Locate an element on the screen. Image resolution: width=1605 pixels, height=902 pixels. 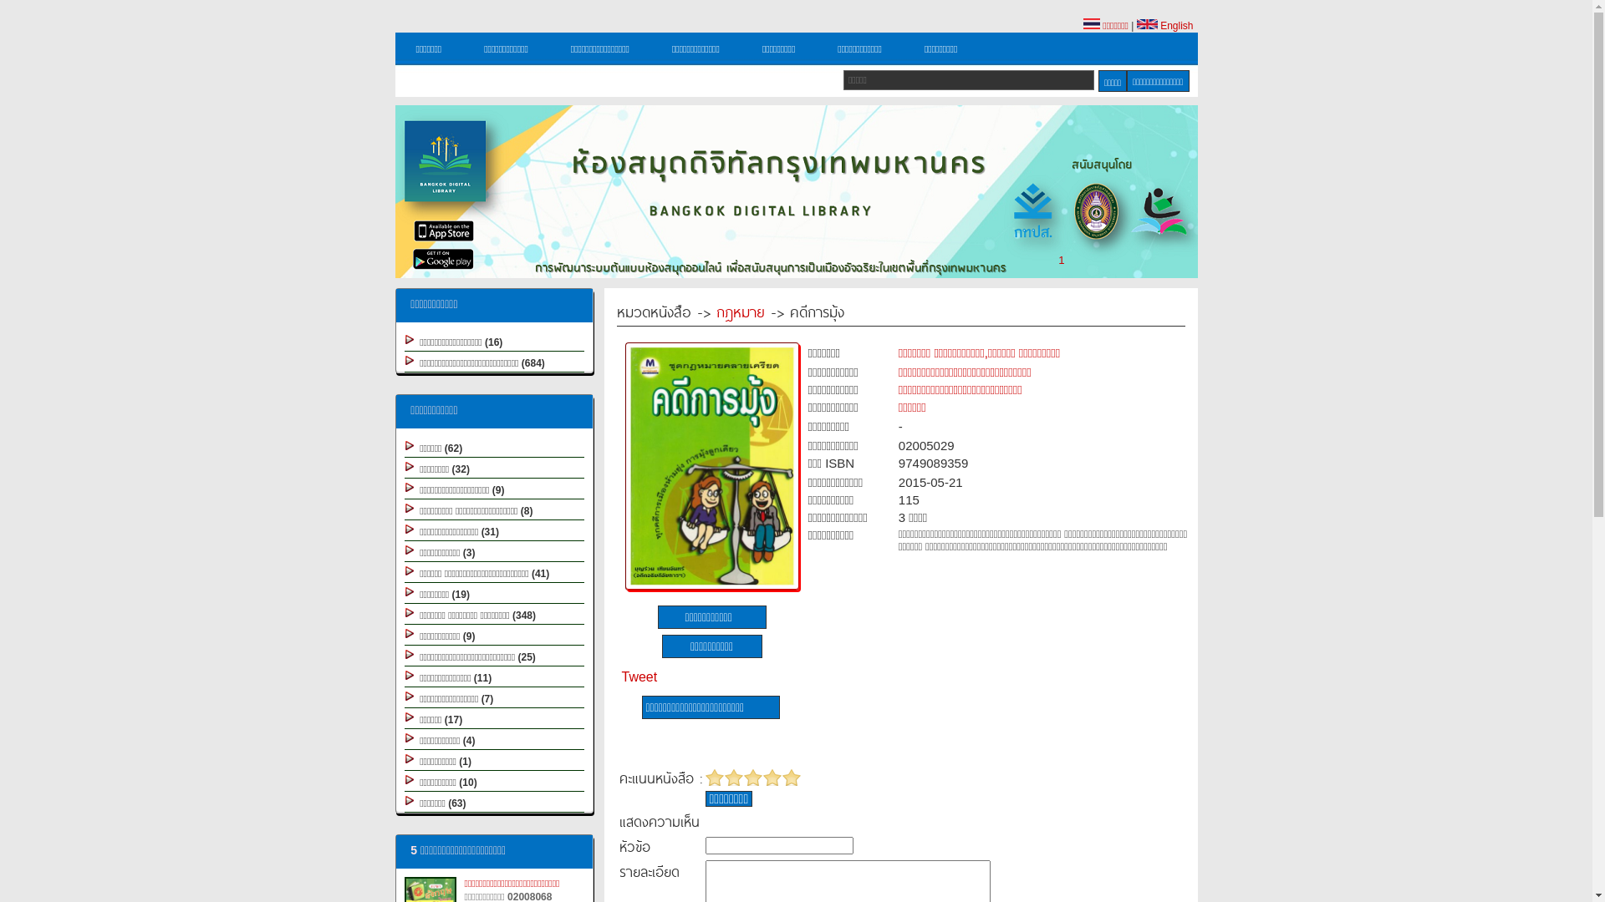
'English' is located at coordinates (1164, 25).